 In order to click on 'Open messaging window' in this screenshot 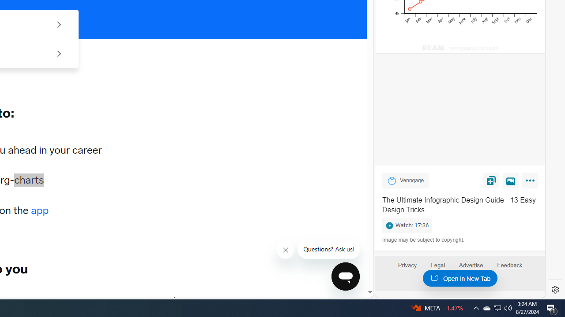, I will do `click(345, 276)`.